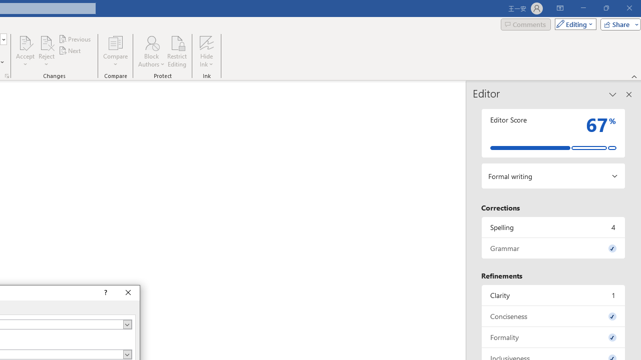  I want to click on 'Editing', so click(573, 23).